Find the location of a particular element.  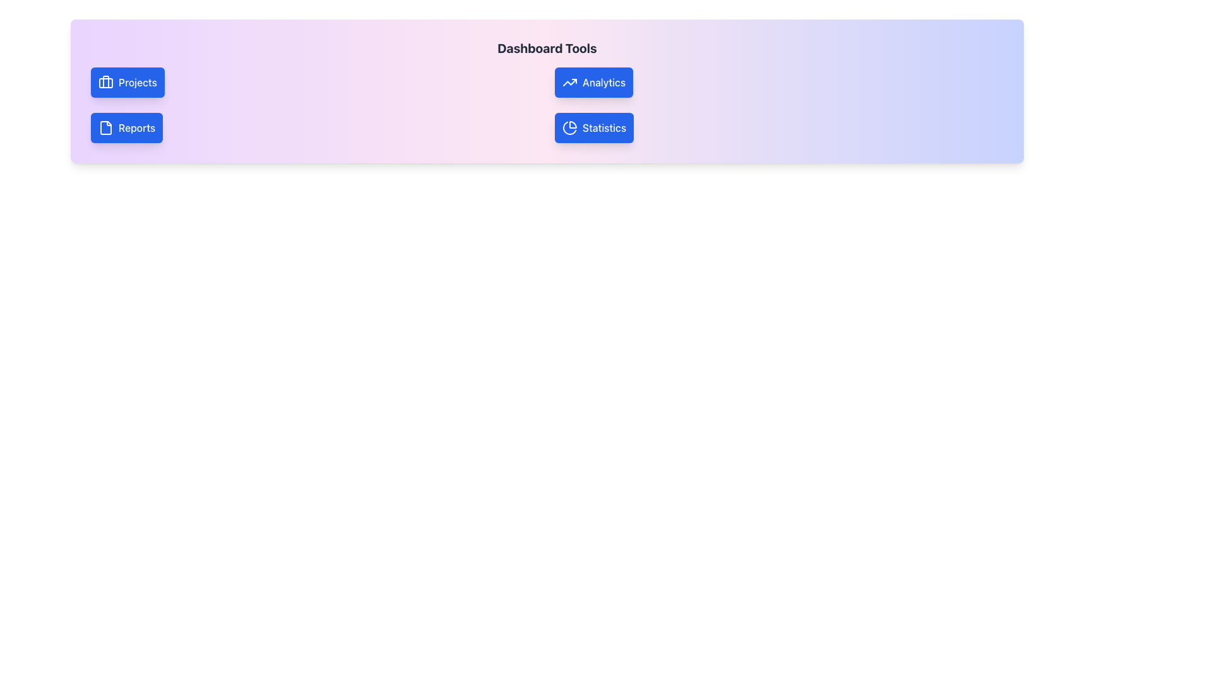

the briefcase icon located on the left side of the 'Projects' button in the interface is located at coordinates (106, 83).